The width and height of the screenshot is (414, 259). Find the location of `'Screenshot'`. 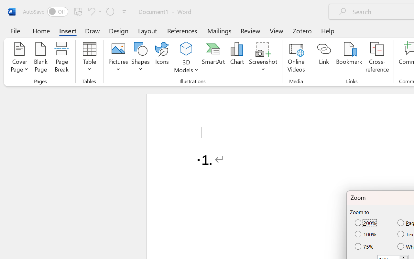

'Screenshot' is located at coordinates (263, 58).